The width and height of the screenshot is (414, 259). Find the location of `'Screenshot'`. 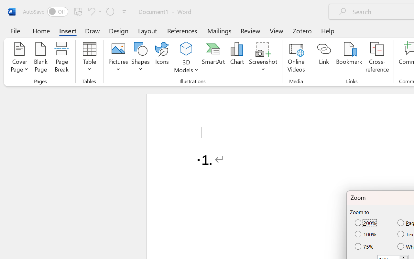

'Screenshot' is located at coordinates (263, 58).